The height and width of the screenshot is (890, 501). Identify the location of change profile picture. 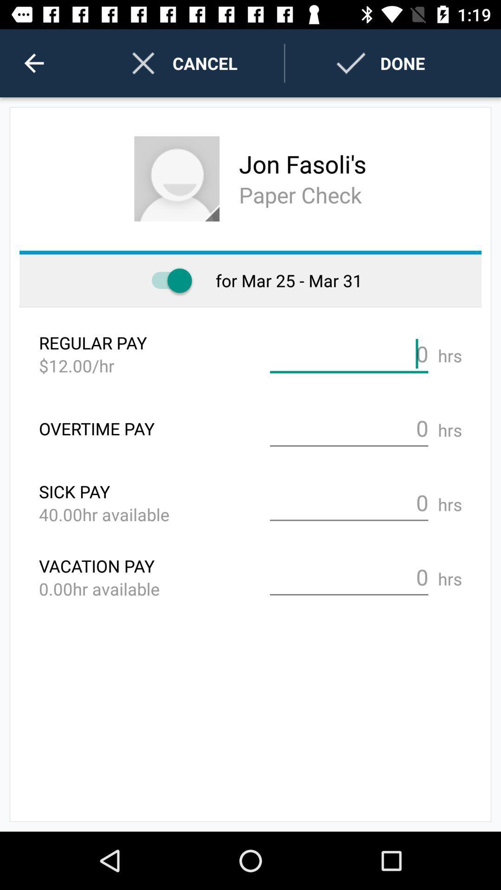
(177, 178).